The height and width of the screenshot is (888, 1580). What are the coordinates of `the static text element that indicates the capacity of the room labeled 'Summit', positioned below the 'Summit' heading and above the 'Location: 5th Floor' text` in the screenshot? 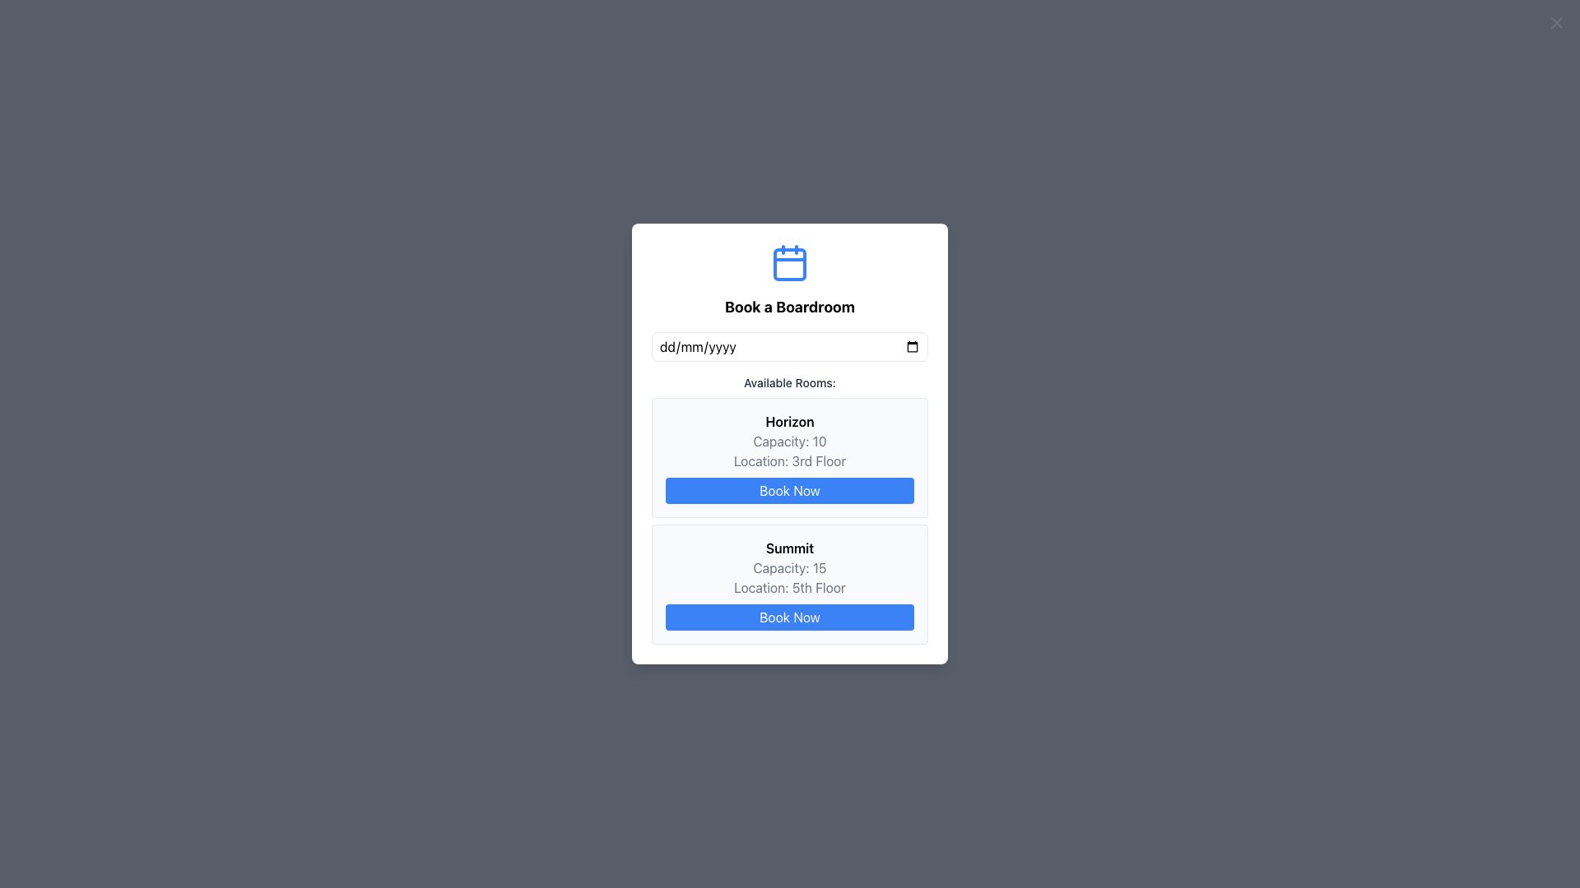 It's located at (790, 567).